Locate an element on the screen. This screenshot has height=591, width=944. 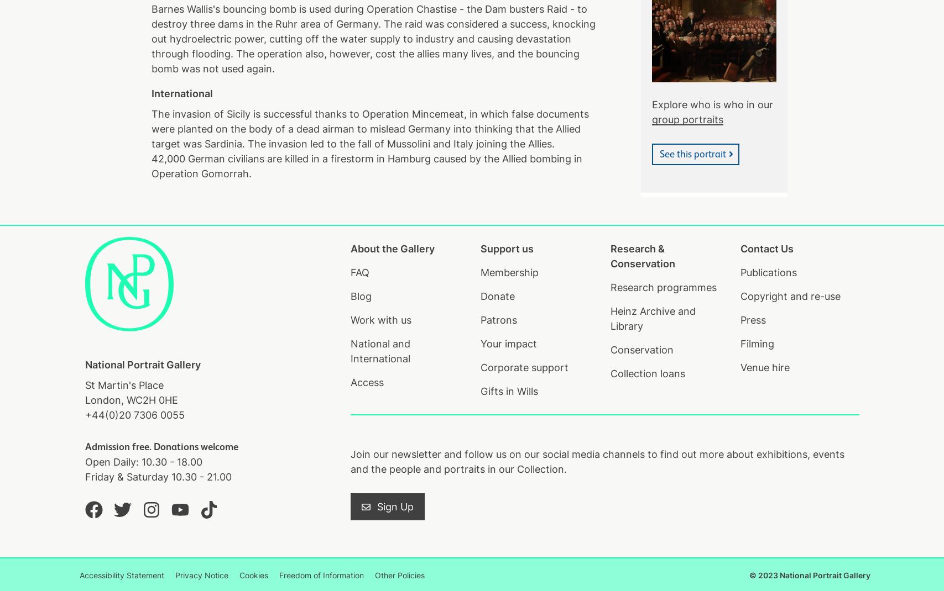
'Conservation' is located at coordinates (641, 350).